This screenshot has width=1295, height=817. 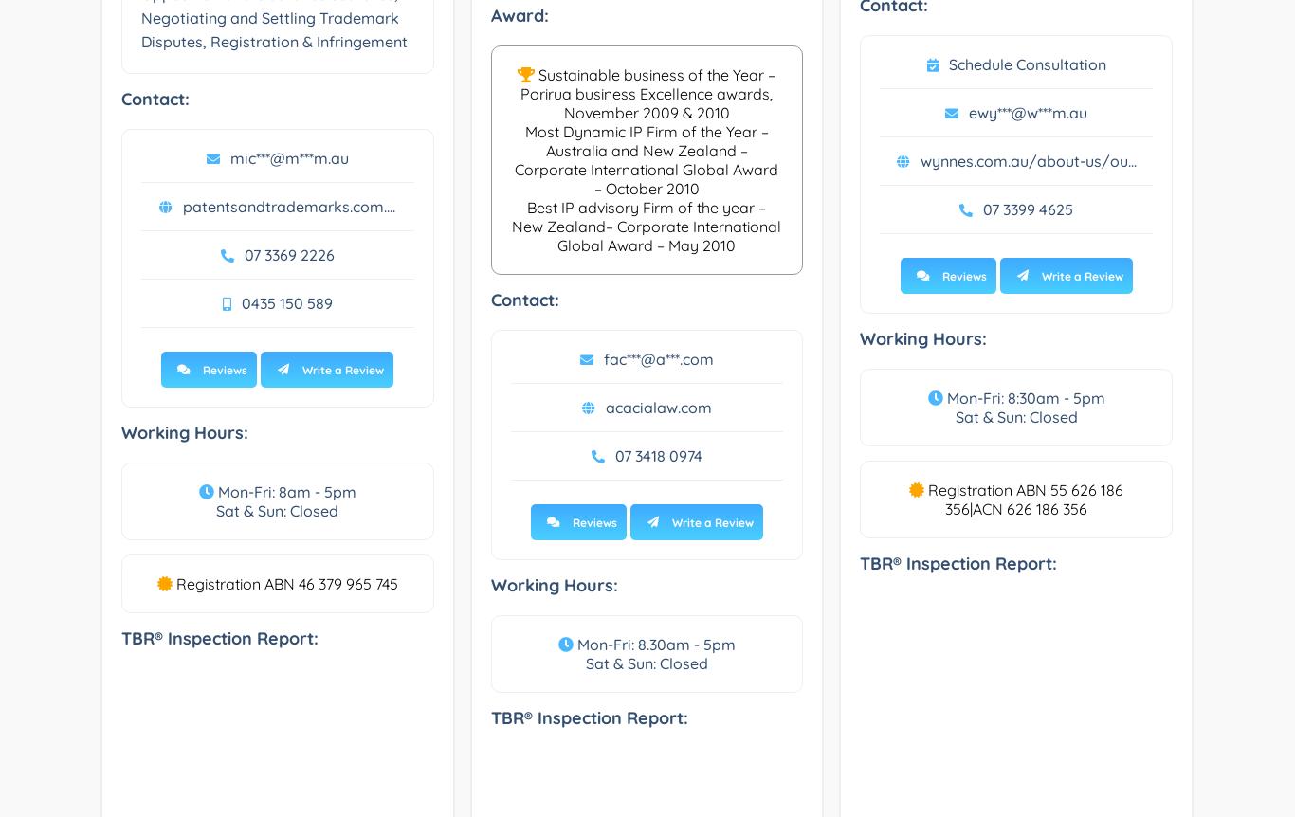 I want to click on 'Registration ABN 46 379 965 745', so click(x=170, y=583).